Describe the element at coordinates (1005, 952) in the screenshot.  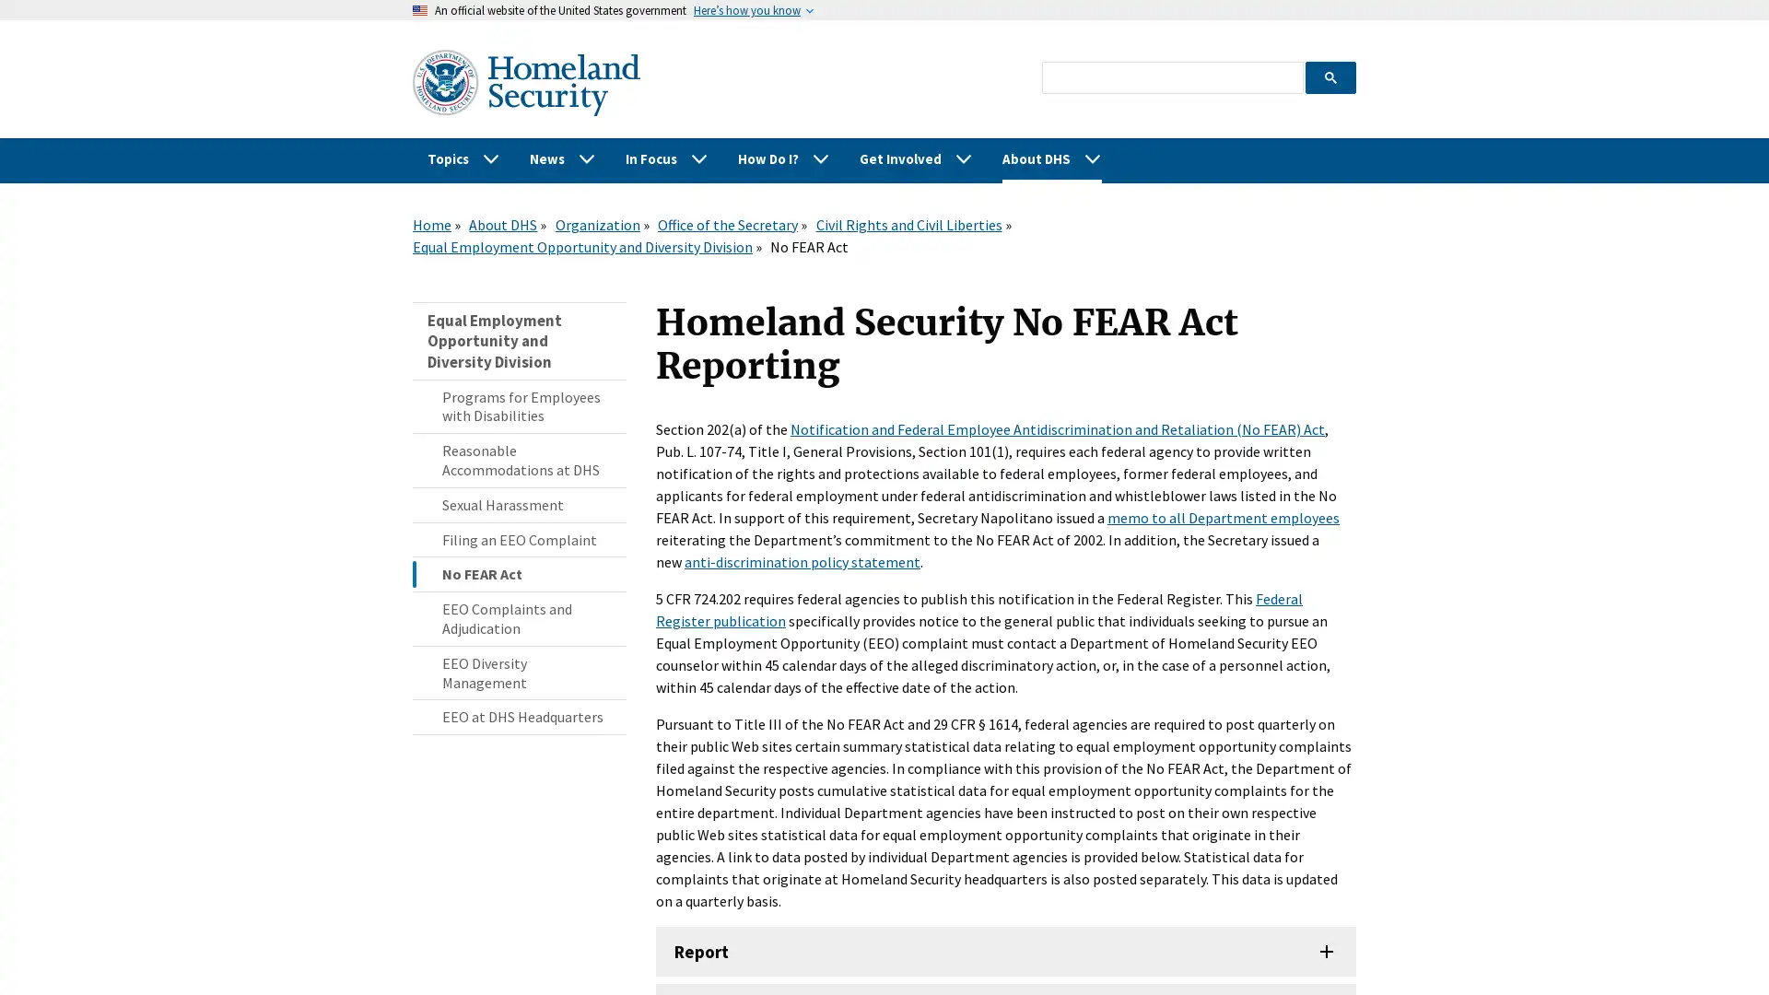
I see `Report` at that location.